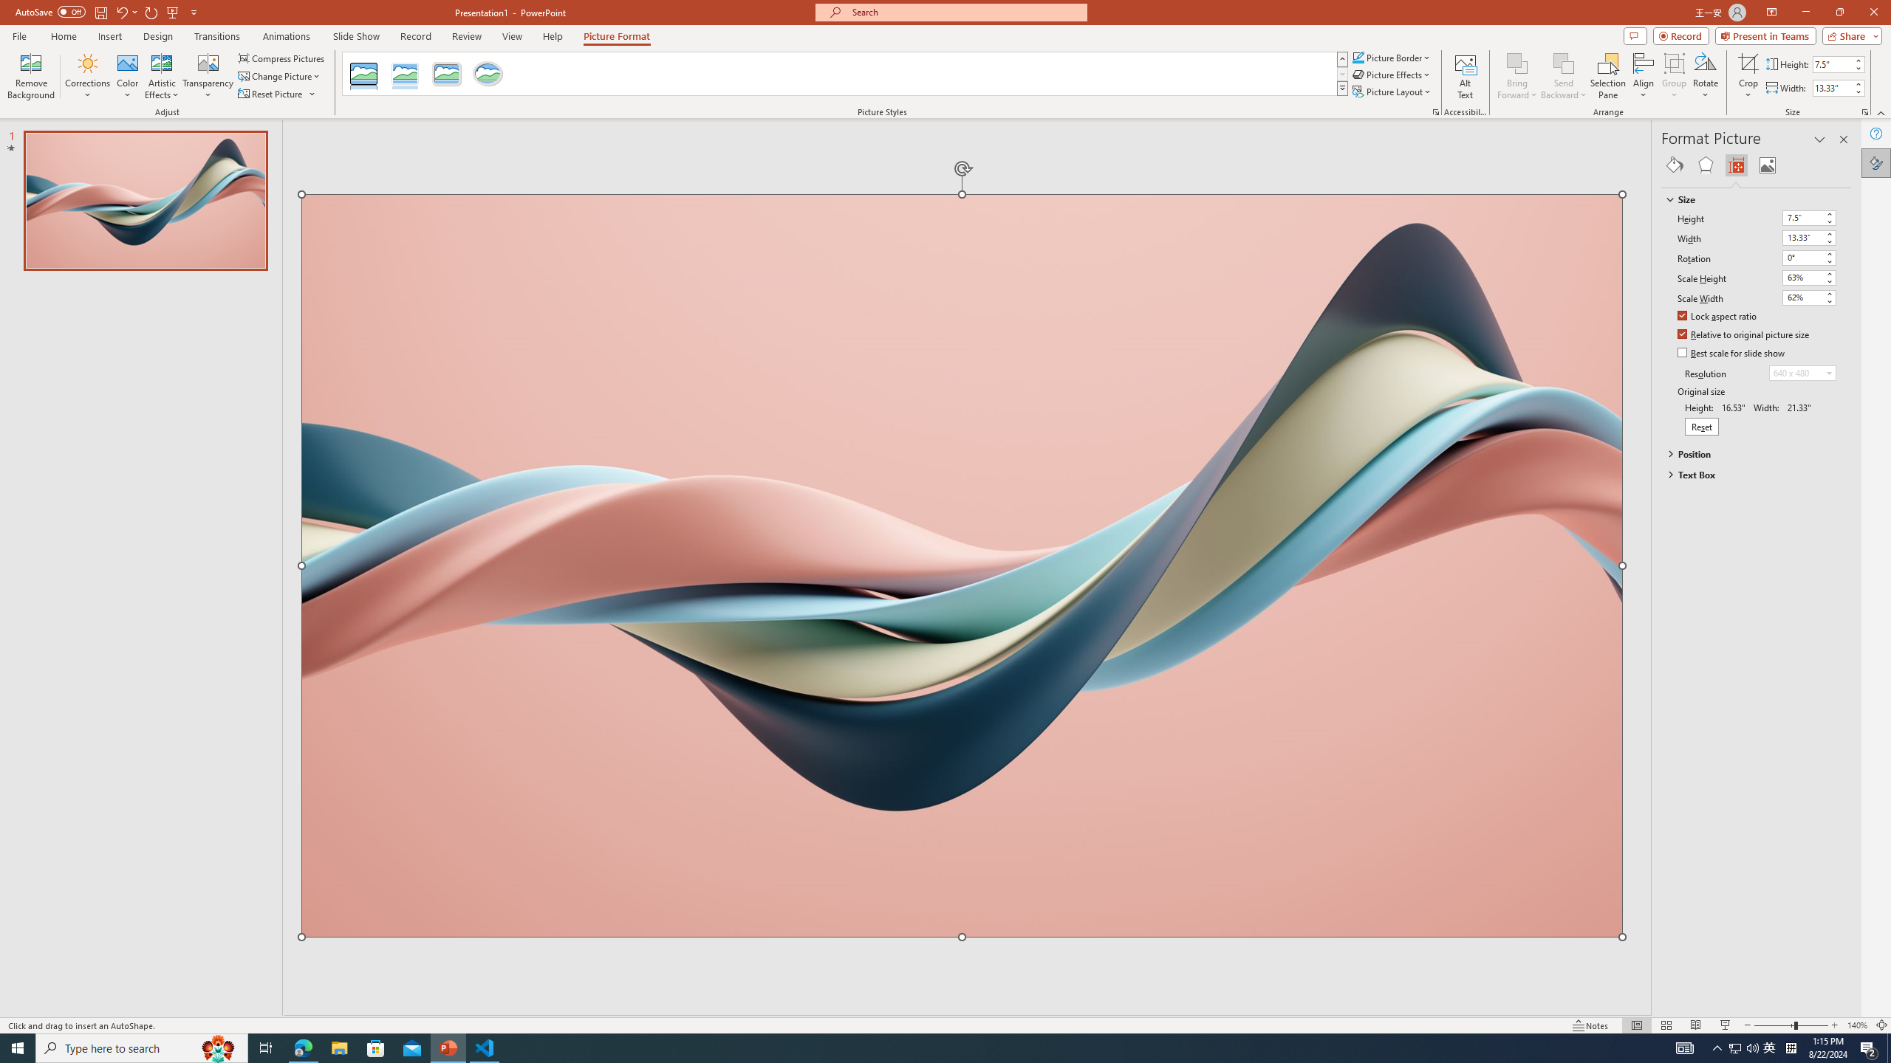 The width and height of the screenshot is (1891, 1063). Describe the element at coordinates (1563, 76) in the screenshot. I see `'Send Backward'` at that location.